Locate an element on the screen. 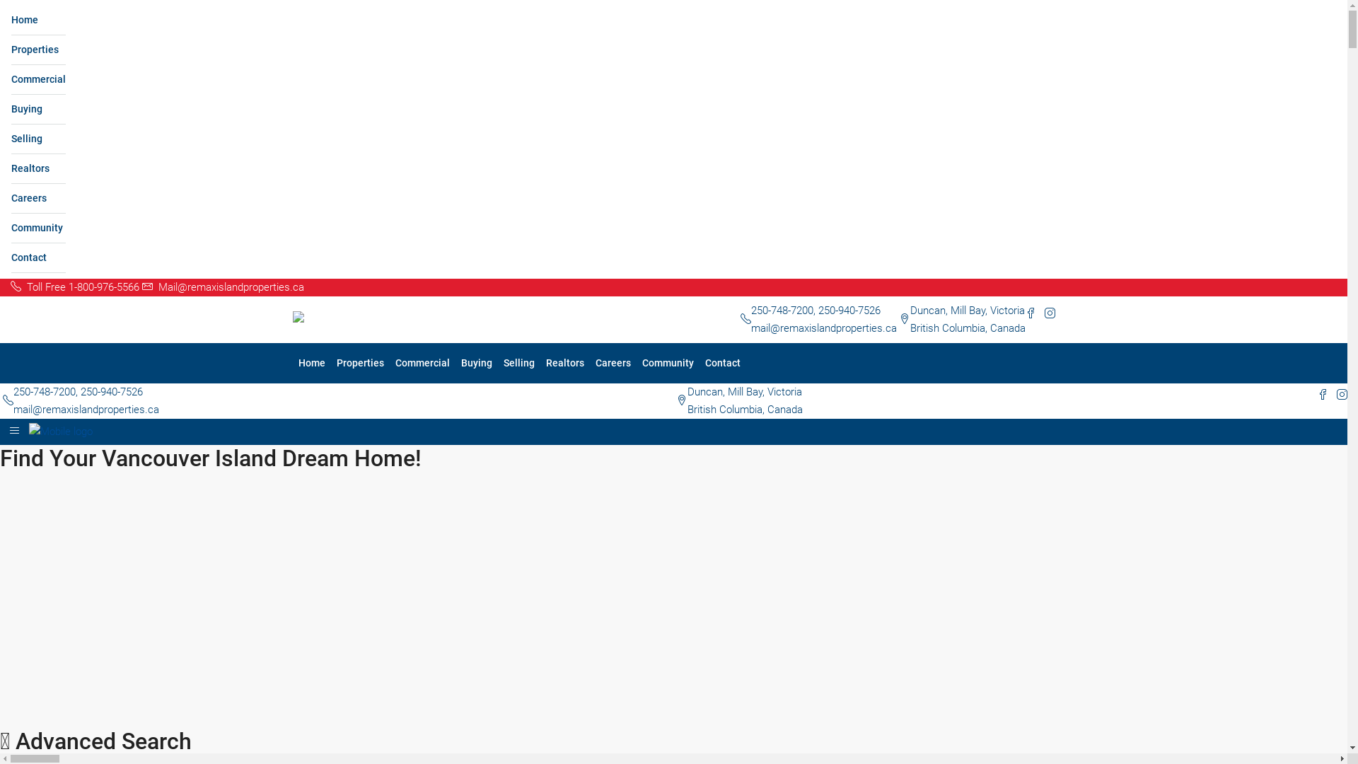 This screenshot has height=764, width=1358. '250-748-7200, 250-940-7526' is located at coordinates (816, 310).